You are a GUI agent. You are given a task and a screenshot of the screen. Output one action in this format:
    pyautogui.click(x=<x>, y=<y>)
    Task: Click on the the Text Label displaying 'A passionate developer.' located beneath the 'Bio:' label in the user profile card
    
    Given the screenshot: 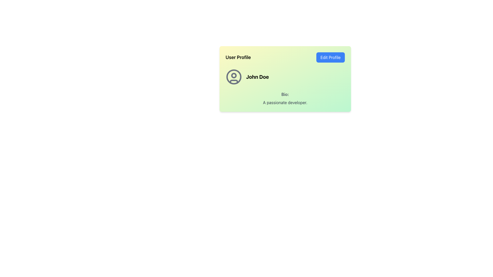 What is the action you would take?
    pyautogui.click(x=285, y=103)
    